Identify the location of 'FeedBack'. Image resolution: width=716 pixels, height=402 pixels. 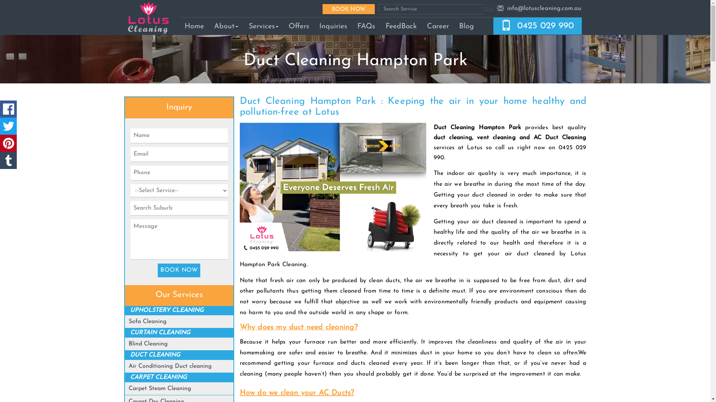
(401, 26).